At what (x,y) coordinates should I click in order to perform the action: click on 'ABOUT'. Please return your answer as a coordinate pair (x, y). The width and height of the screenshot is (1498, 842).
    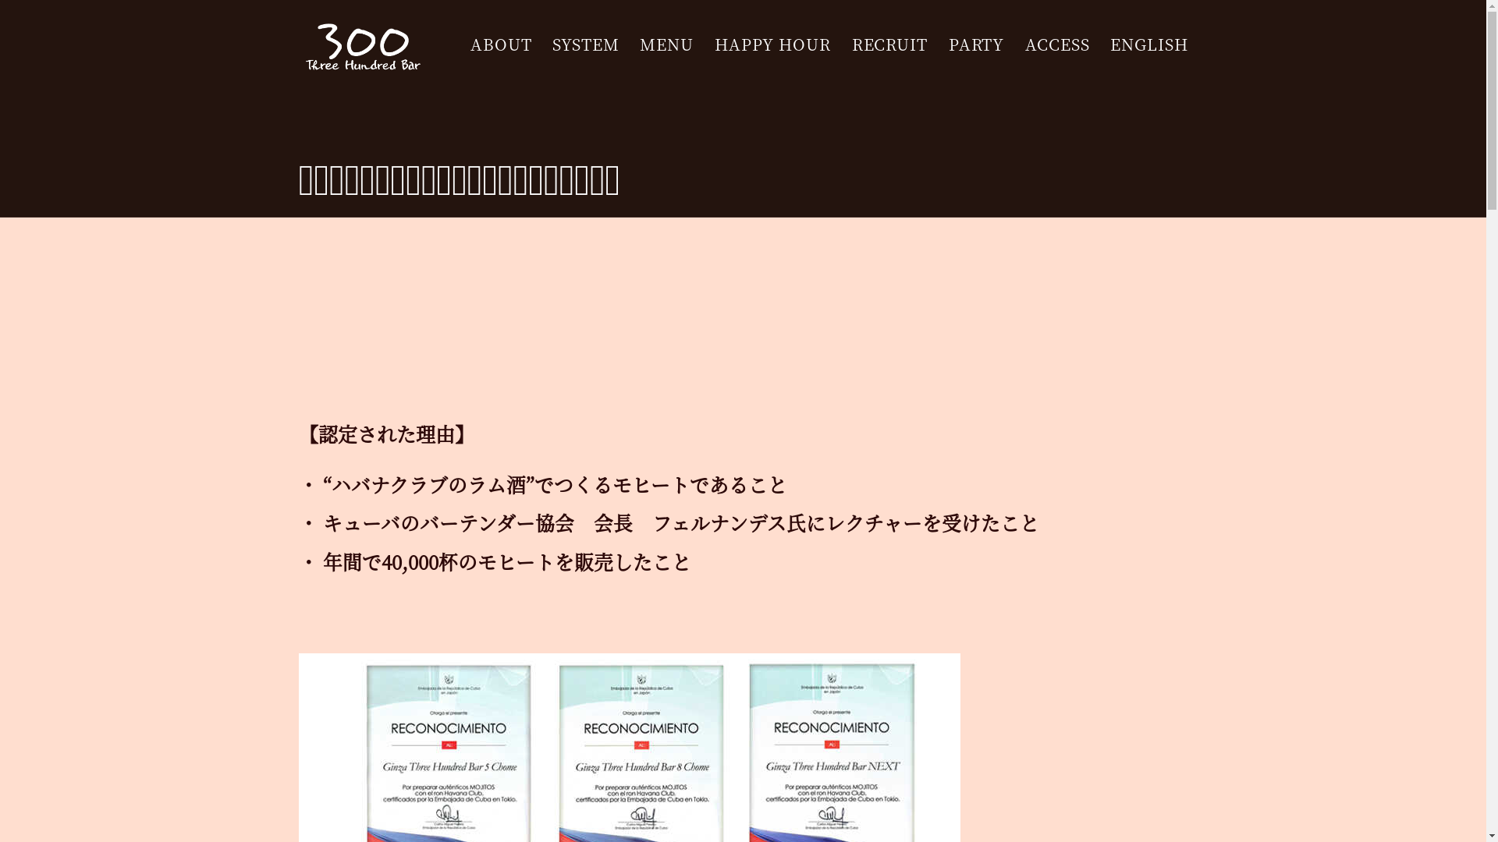
    Looking at the image, I should click on (501, 44).